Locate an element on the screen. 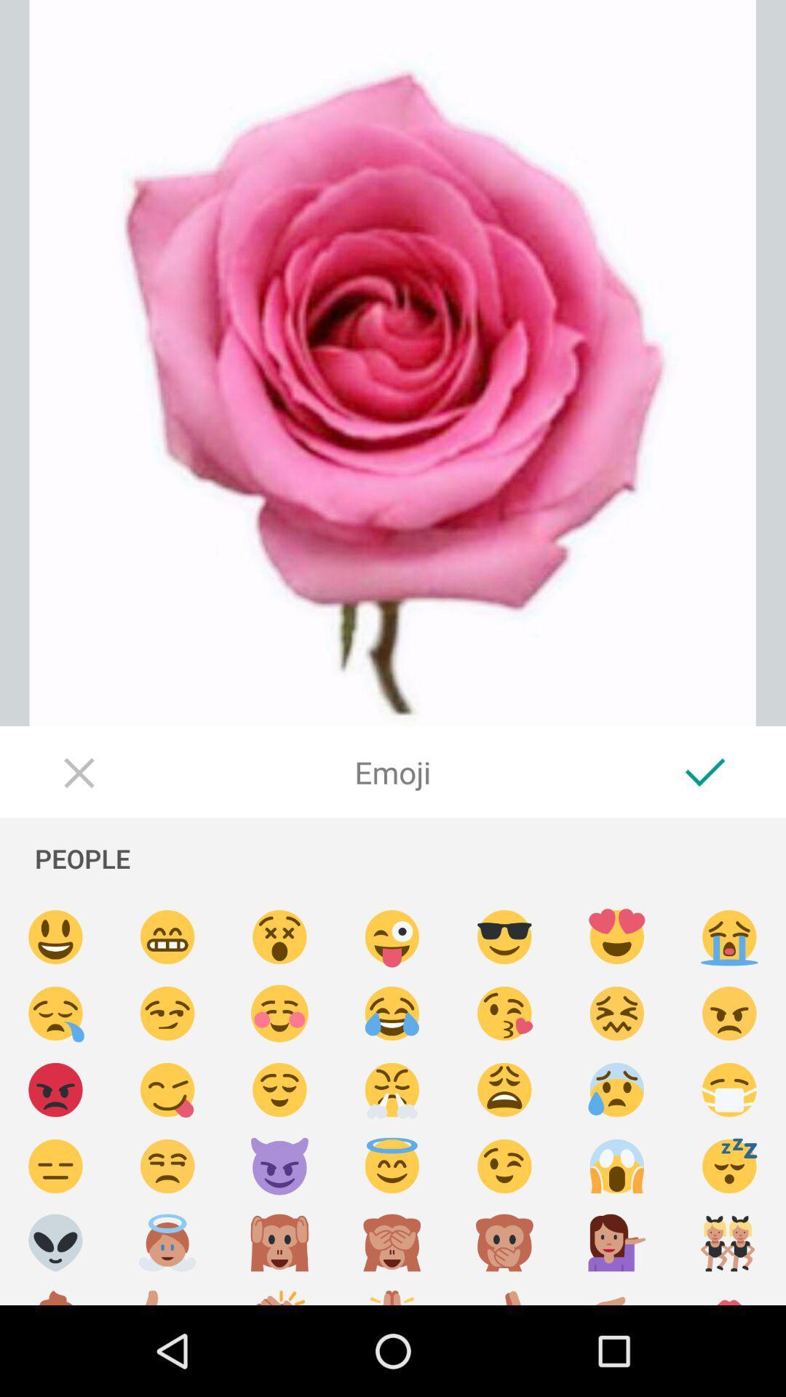 The height and width of the screenshot is (1397, 786). monkey emoji is located at coordinates (279, 1242).